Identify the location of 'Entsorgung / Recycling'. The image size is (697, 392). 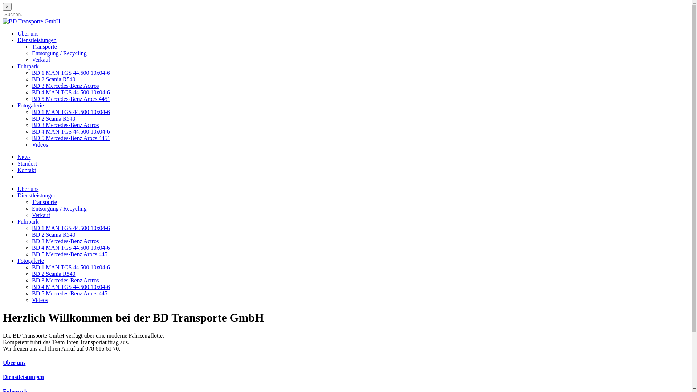
(59, 208).